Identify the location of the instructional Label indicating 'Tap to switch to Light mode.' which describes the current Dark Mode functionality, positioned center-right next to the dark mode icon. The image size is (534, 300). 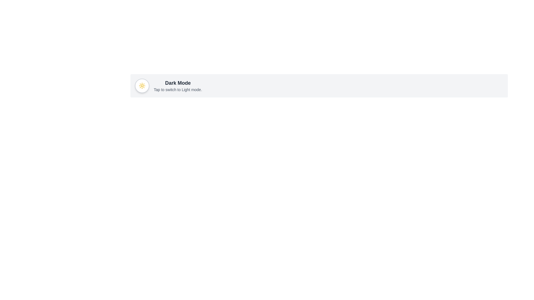
(177, 86).